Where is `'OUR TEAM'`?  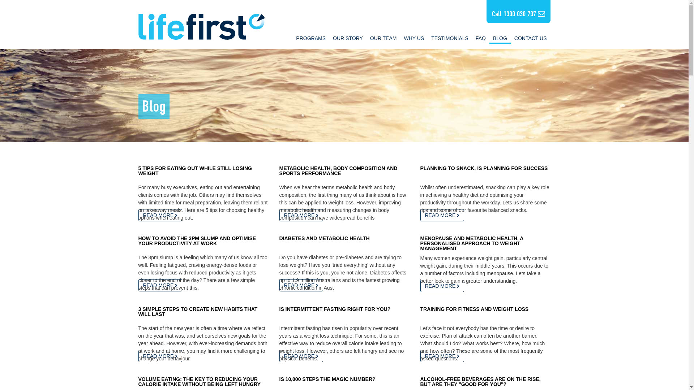
'OUR TEAM' is located at coordinates (383, 38).